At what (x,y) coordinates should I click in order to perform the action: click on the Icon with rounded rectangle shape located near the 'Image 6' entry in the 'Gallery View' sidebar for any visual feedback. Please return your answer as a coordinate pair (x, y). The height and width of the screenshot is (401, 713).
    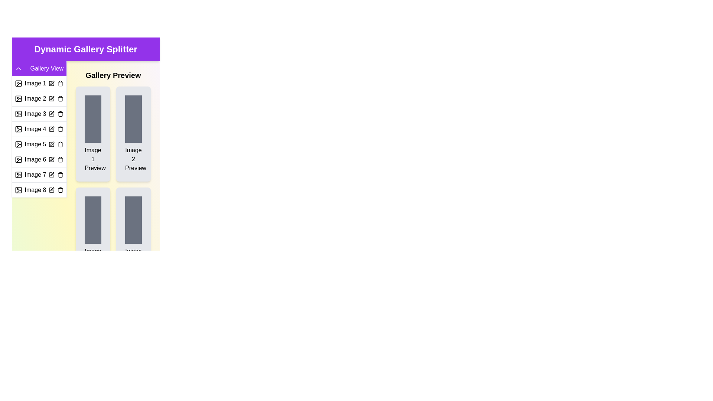
    Looking at the image, I should click on (18, 159).